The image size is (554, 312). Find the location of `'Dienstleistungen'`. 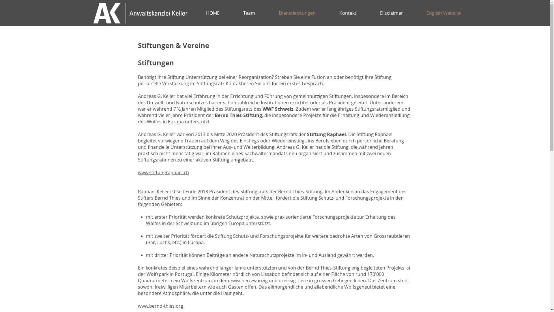

'Dienstleistungen' is located at coordinates (297, 13).